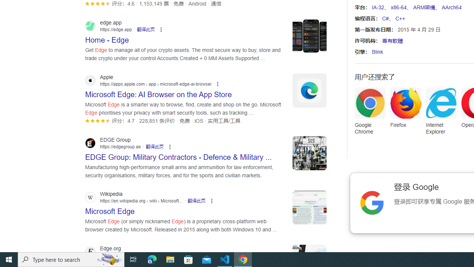 The width and height of the screenshot is (474, 267). What do you see at coordinates (377, 52) in the screenshot?
I see `'Blink'` at bounding box center [377, 52].